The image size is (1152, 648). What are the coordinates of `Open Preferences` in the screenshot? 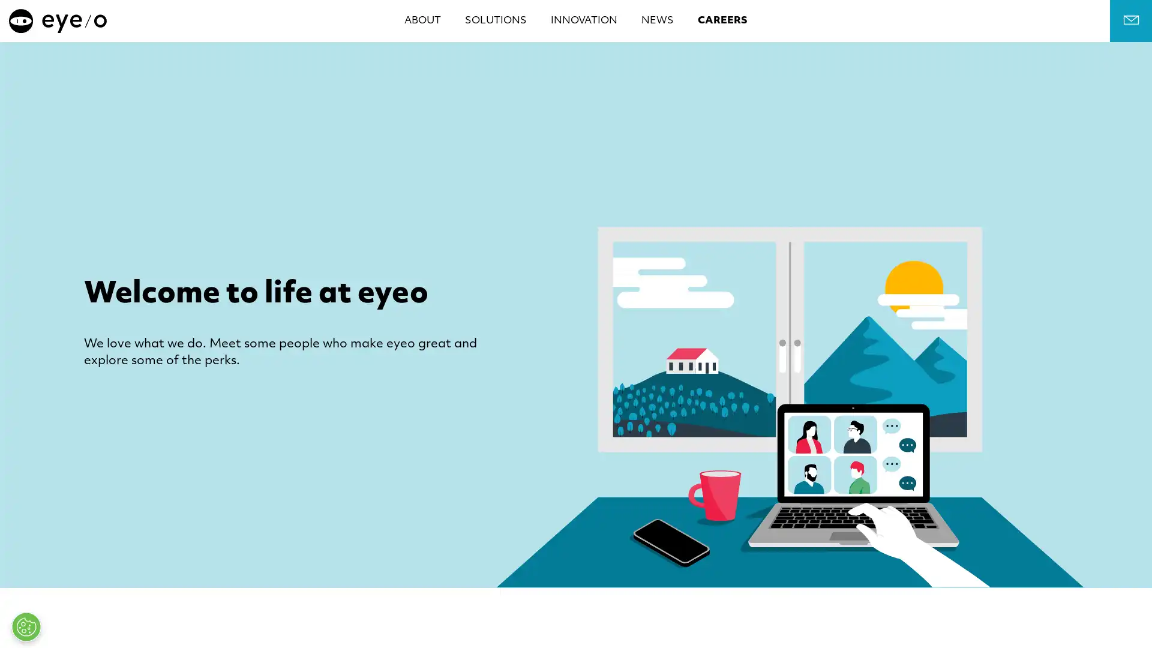 It's located at (26, 626).